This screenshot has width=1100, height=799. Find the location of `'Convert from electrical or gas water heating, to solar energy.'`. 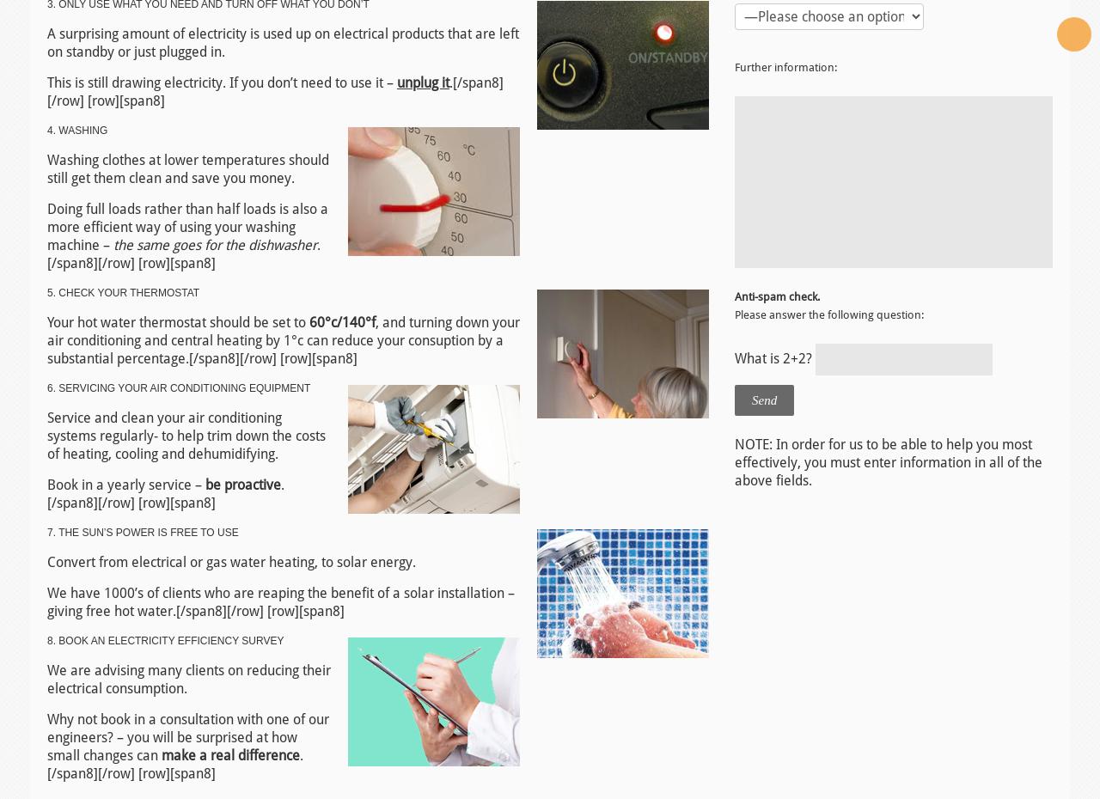

'Convert from electrical or gas water heating, to solar energy.' is located at coordinates (230, 560).